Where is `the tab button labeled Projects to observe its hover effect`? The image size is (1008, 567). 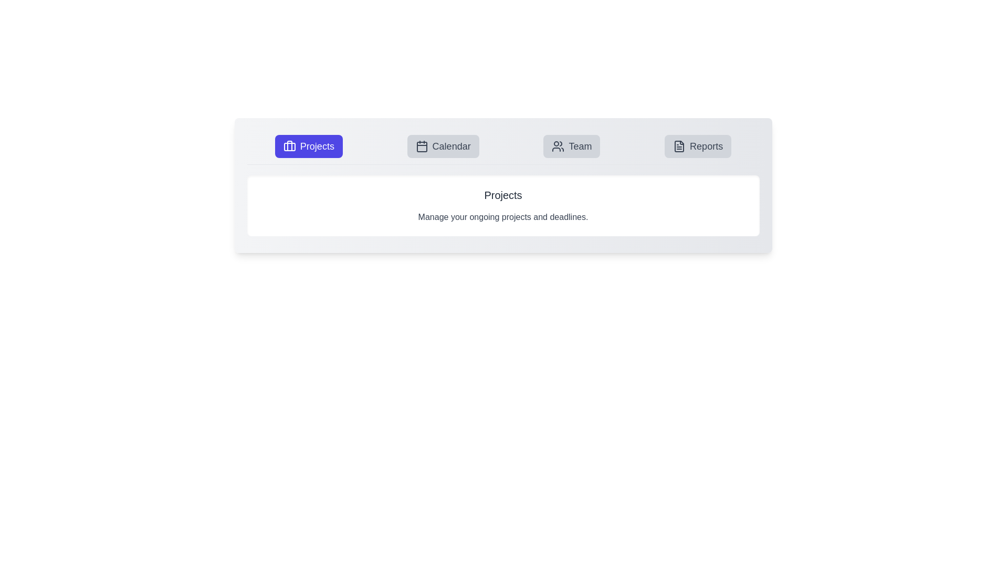
the tab button labeled Projects to observe its hover effect is located at coordinates (308, 146).